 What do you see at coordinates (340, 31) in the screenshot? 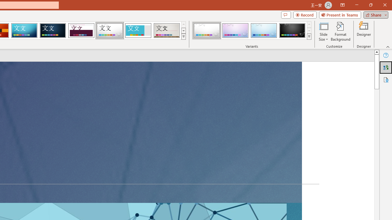
I see `'Format Background'` at bounding box center [340, 31].